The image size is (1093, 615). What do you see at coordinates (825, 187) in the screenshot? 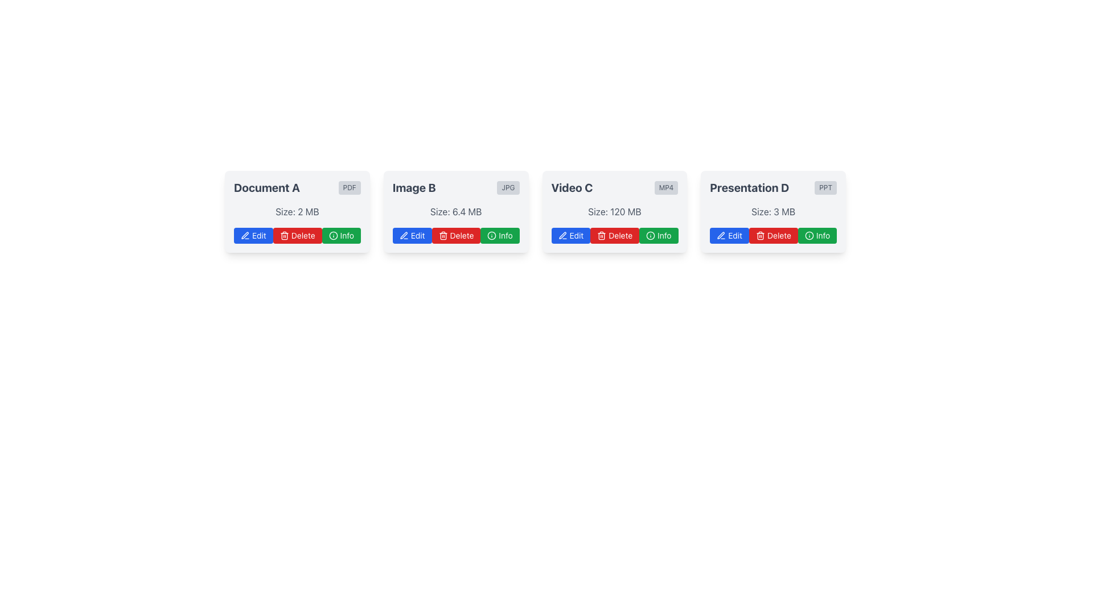
I see `the rectangular badge with a gray background featuring the text 'PPT' located at the top-right corner of the 'Presentation D' card` at bounding box center [825, 187].